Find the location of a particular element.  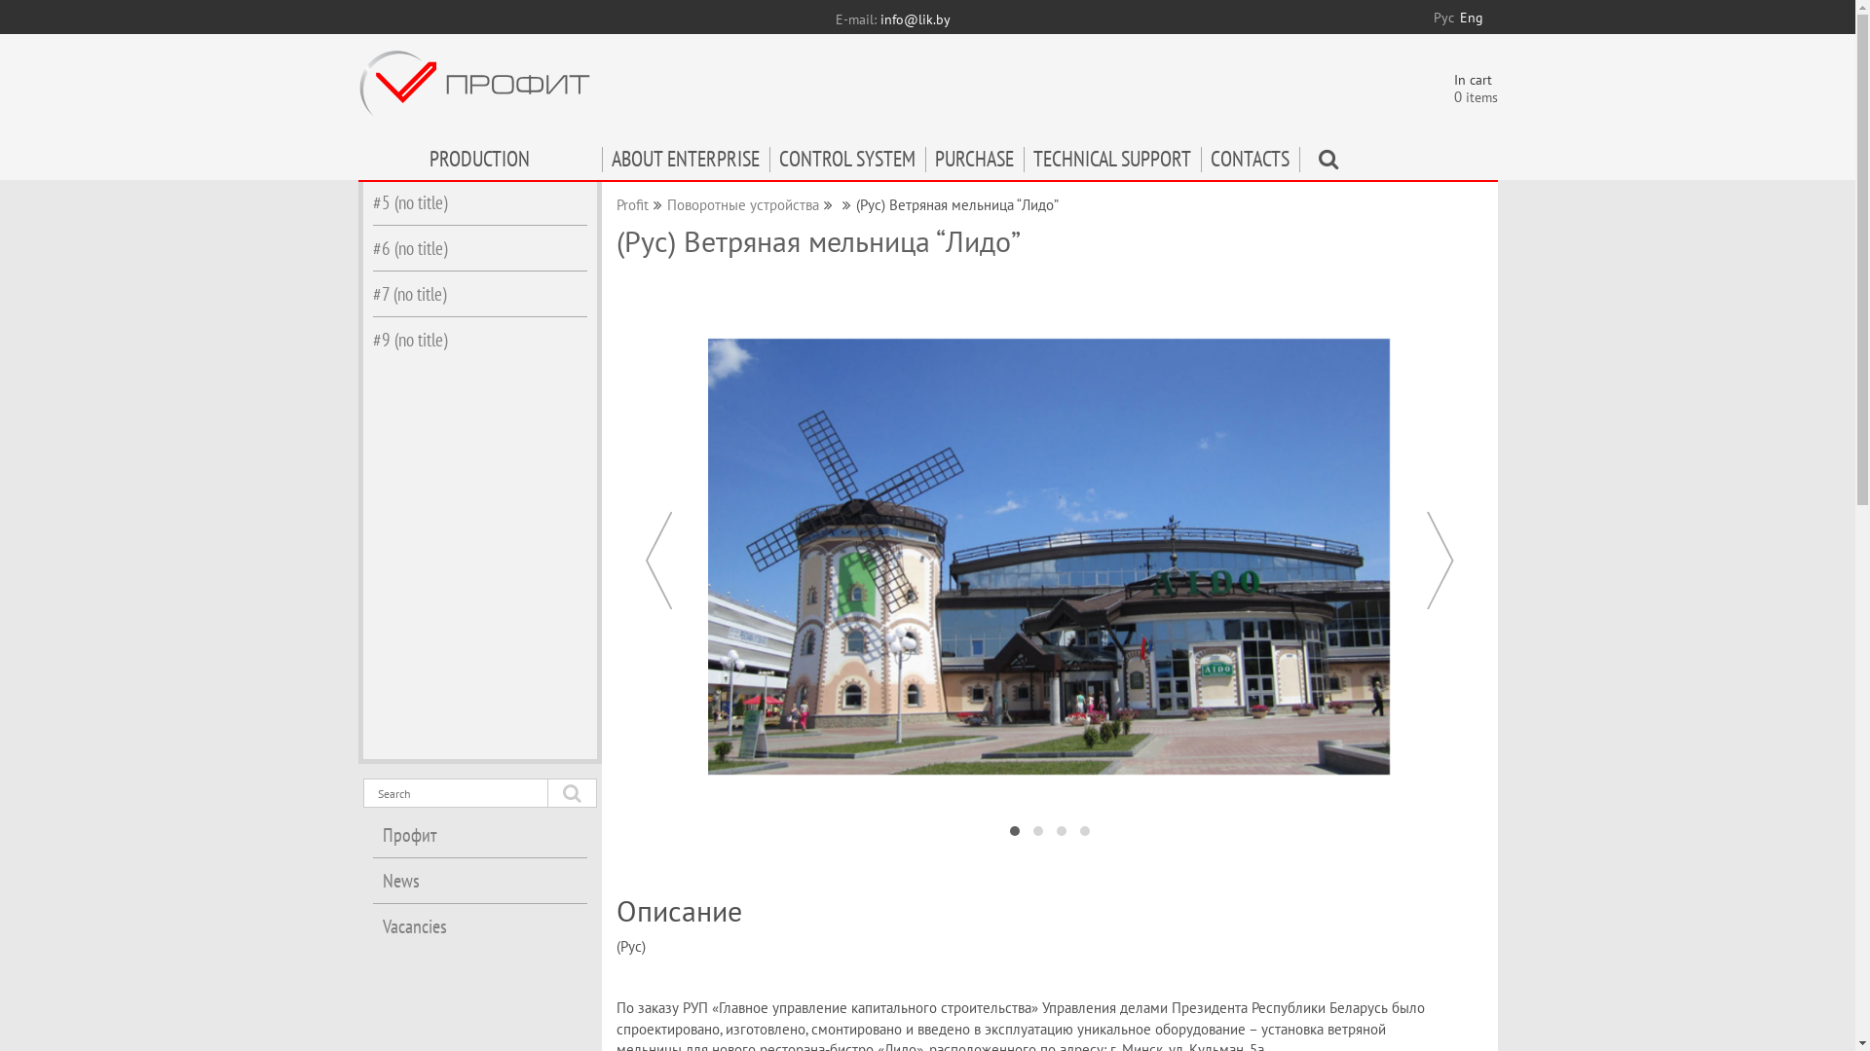

'TECHNICAL SUPPORT' is located at coordinates (1111, 163).